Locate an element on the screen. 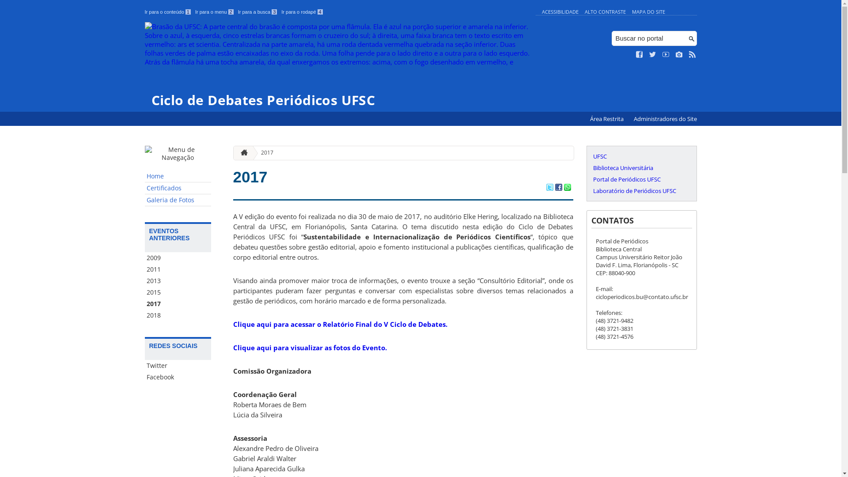 Image resolution: width=848 pixels, height=477 pixels. 'MAPA DO SITE' is located at coordinates (648, 11).